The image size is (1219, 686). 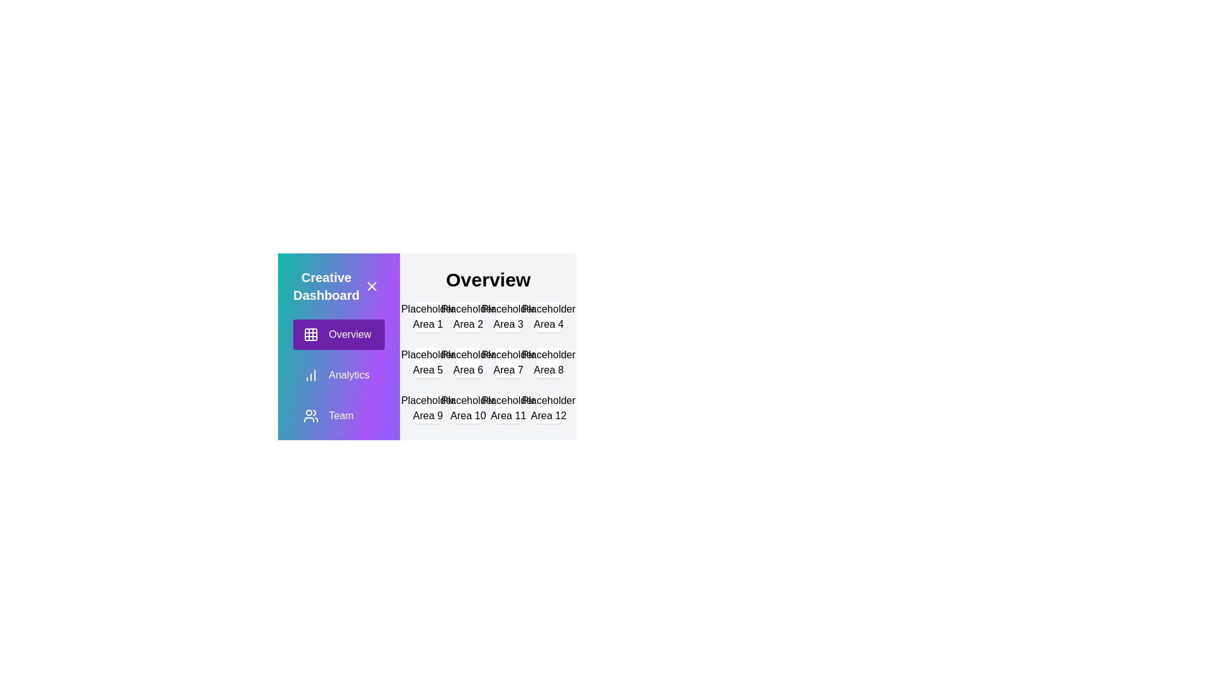 What do you see at coordinates (338, 374) in the screenshot?
I see `the Analytics pane by clicking on its menu item` at bounding box center [338, 374].